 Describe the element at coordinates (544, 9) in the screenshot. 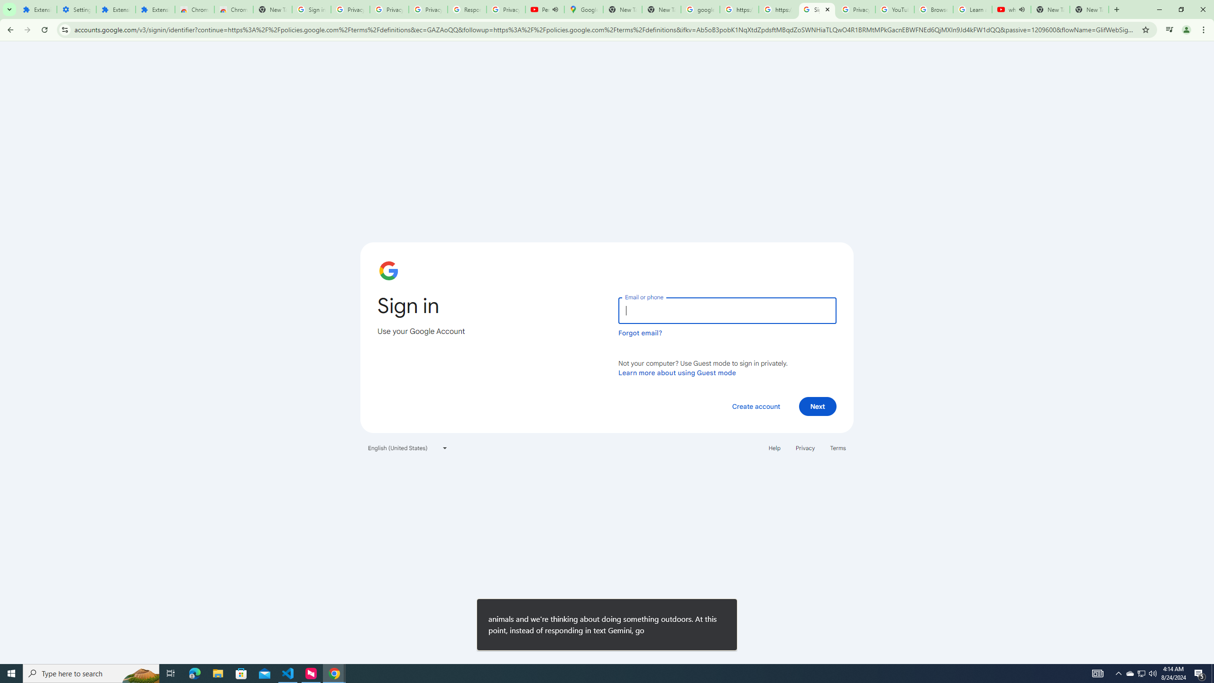

I see `'Personalized AI for you | Gemini - YouTube - Audio playing'` at that location.